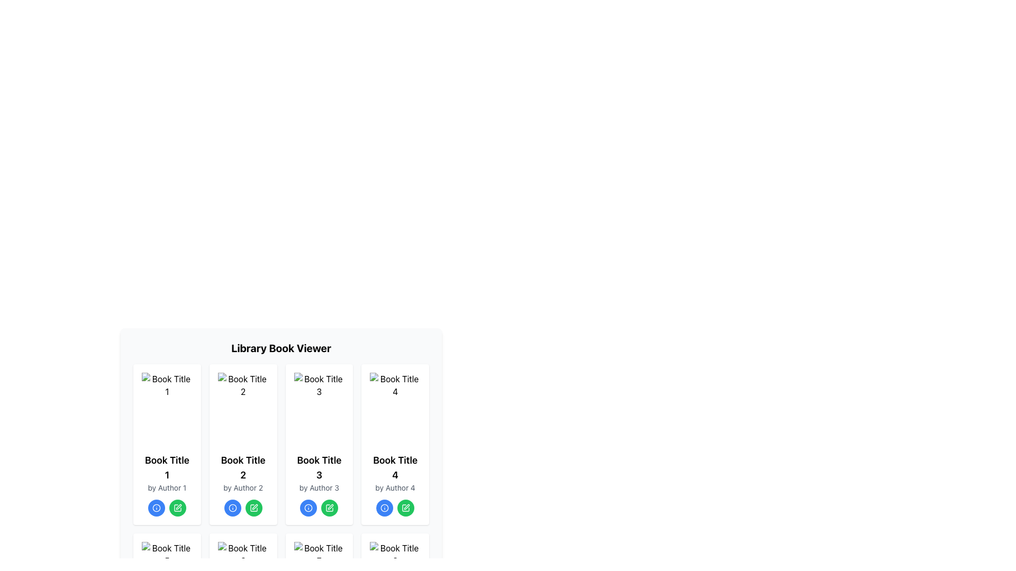 The width and height of the screenshot is (1016, 571). Describe the element at coordinates (177, 507) in the screenshot. I see `the green pen icon located in the fourth column under 'Book Title 1'` at that location.